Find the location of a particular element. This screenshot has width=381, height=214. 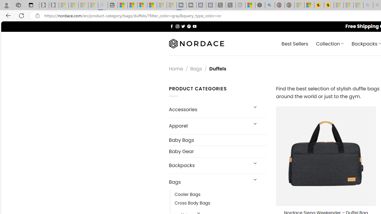

'poe - Search' is located at coordinates (269, 5).